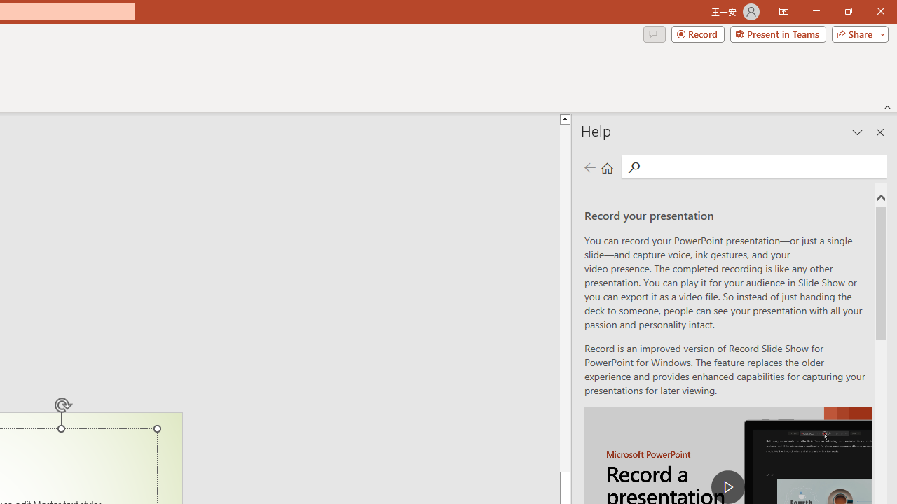 The height and width of the screenshot is (504, 897). What do you see at coordinates (816, 11) in the screenshot?
I see `'Minimize'` at bounding box center [816, 11].